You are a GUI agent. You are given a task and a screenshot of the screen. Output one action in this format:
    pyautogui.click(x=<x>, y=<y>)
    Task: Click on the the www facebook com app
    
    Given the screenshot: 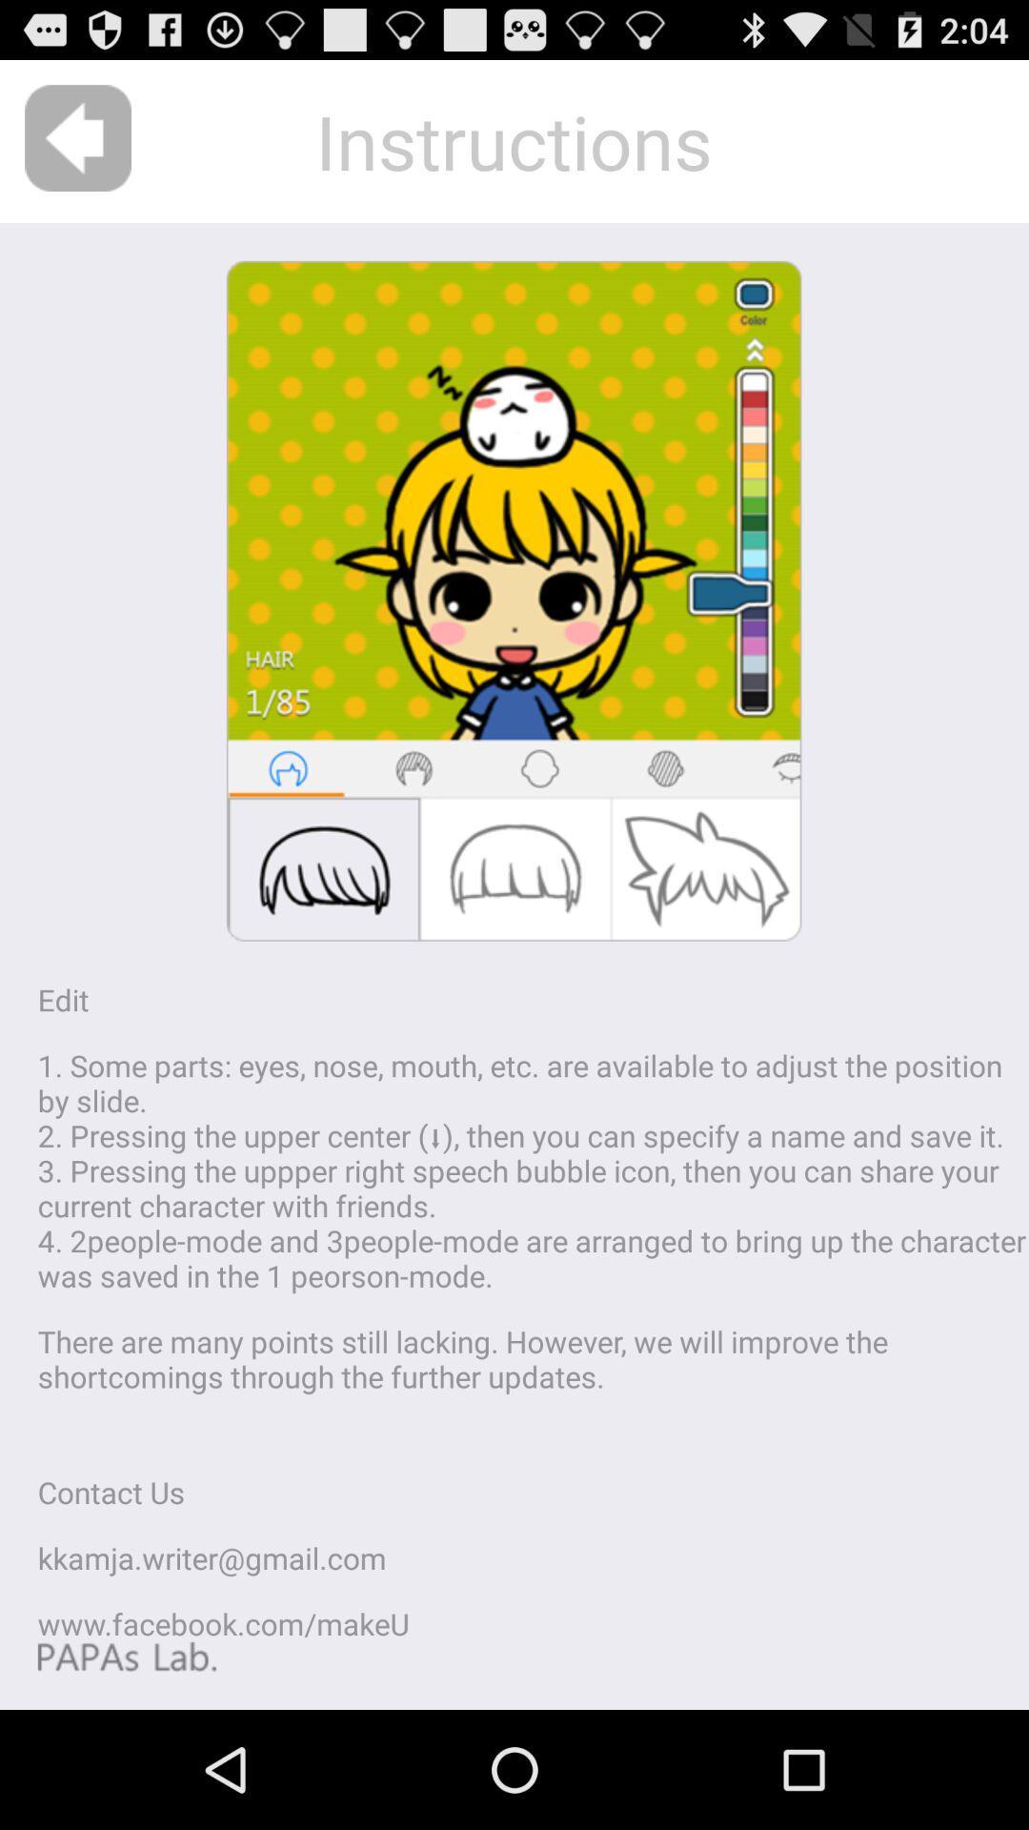 What is the action you would take?
    pyautogui.click(x=222, y=1622)
    